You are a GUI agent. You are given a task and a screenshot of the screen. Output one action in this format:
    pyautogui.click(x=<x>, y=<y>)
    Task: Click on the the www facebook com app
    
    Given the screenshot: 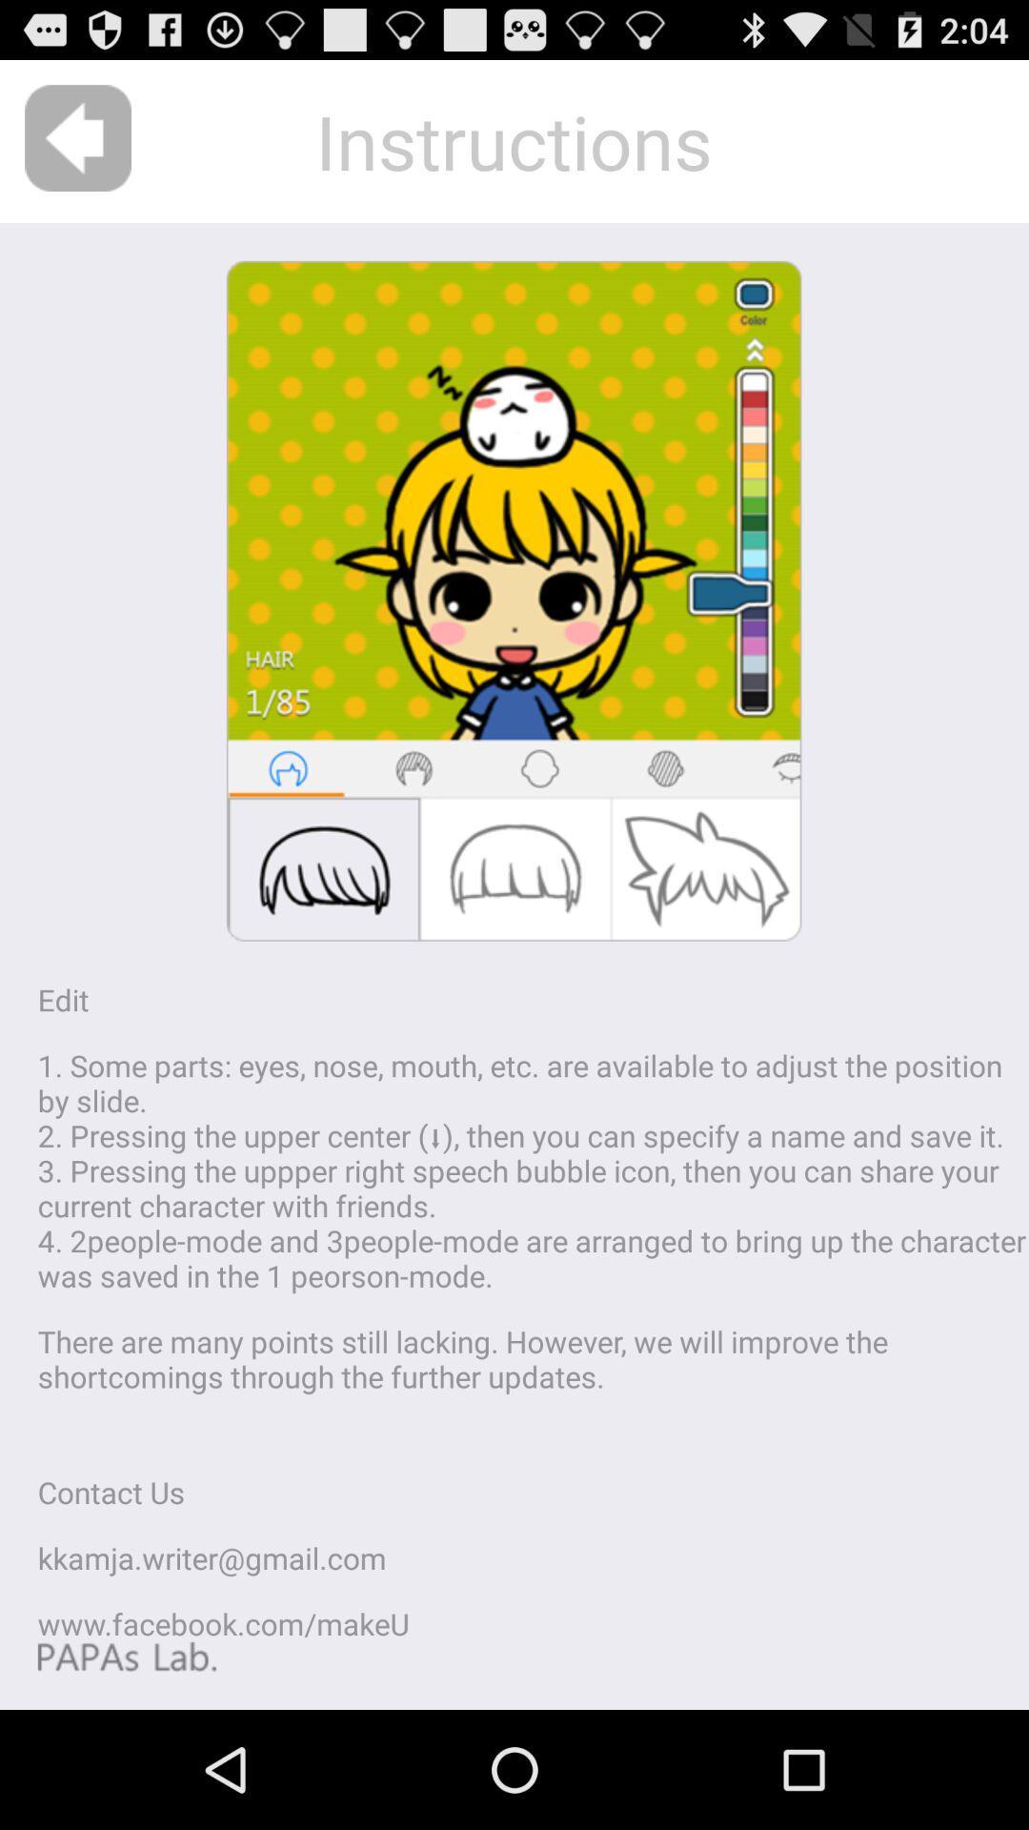 What is the action you would take?
    pyautogui.click(x=222, y=1622)
    